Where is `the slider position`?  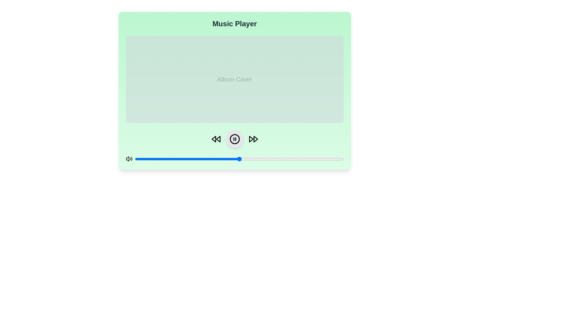
the slider position is located at coordinates (289, 159).